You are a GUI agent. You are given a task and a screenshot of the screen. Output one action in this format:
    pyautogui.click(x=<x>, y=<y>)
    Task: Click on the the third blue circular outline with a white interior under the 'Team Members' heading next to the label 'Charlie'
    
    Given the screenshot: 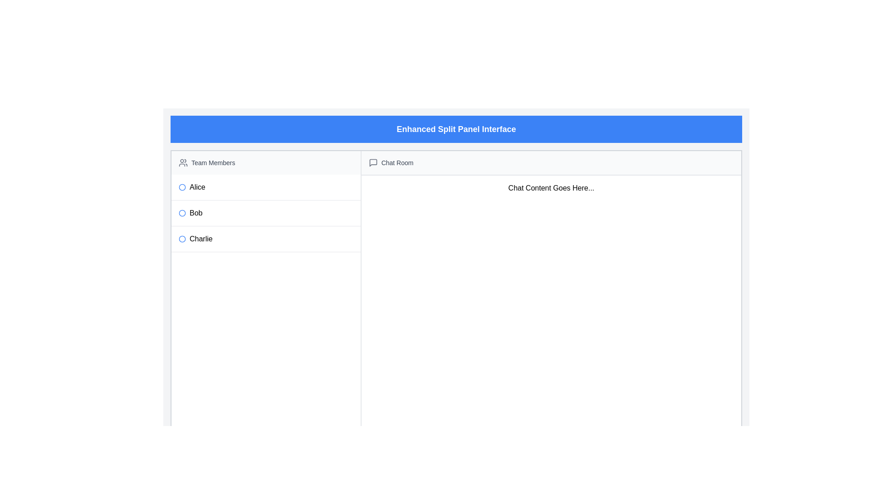 What is the action you would take?
    pyautogui.click(x=182, y=239)
    